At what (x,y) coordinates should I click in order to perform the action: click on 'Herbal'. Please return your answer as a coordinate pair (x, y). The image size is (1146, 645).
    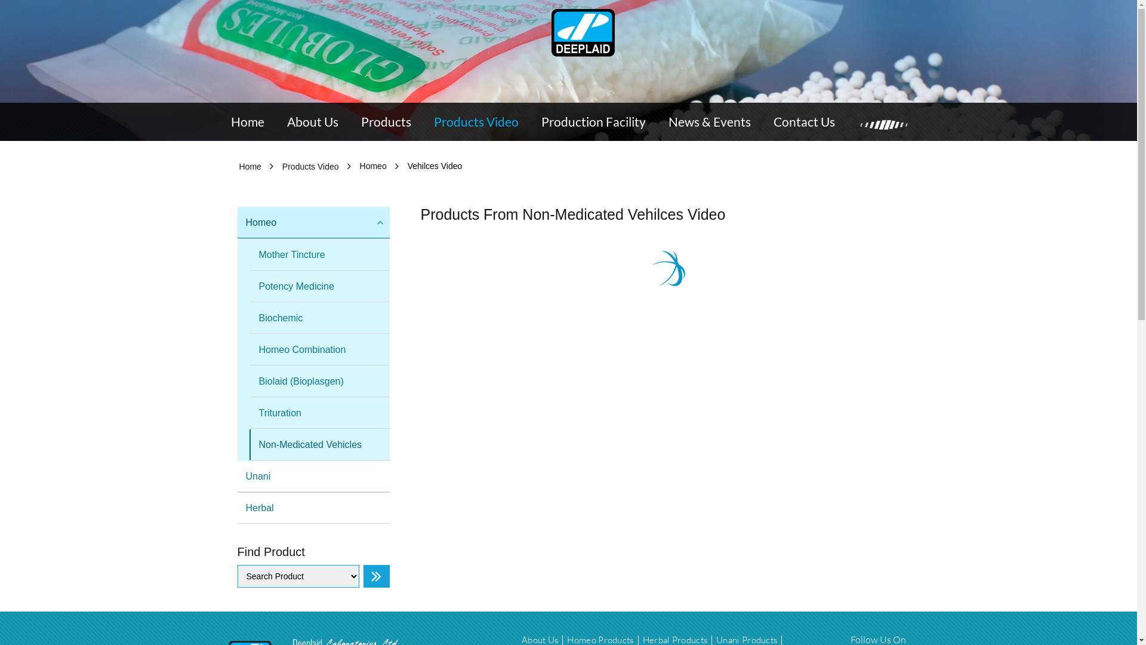
    Looking at the image, I should click on (313, 508).